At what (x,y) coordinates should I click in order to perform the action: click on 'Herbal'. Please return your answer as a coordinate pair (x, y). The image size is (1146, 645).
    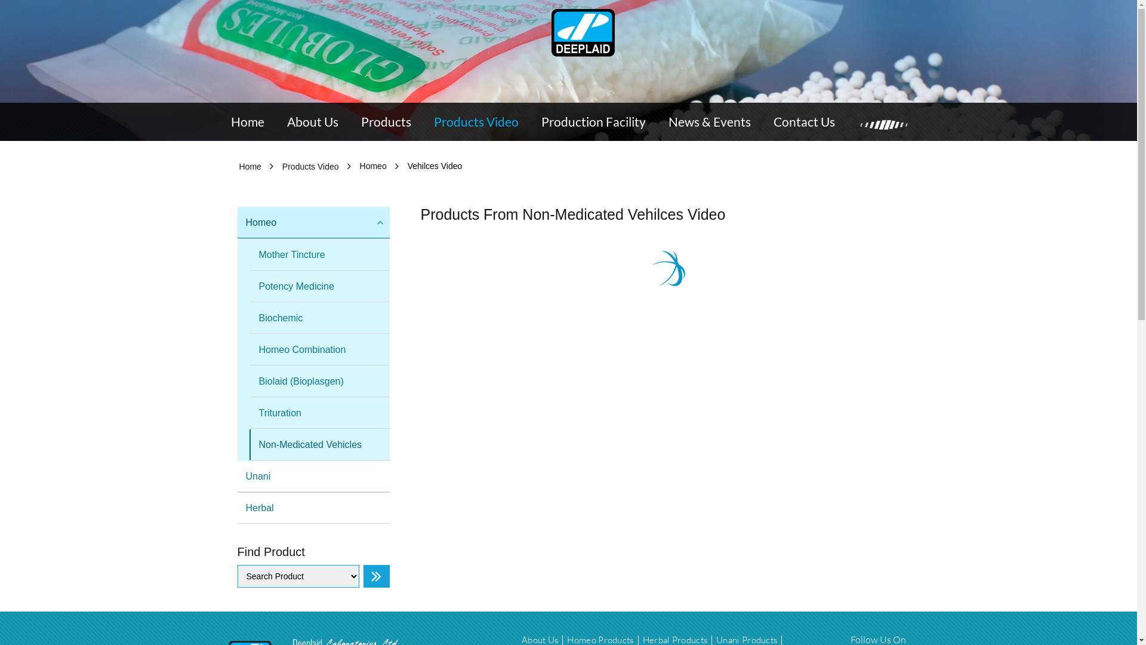
    Looking at the image, I should click on (313, 508).